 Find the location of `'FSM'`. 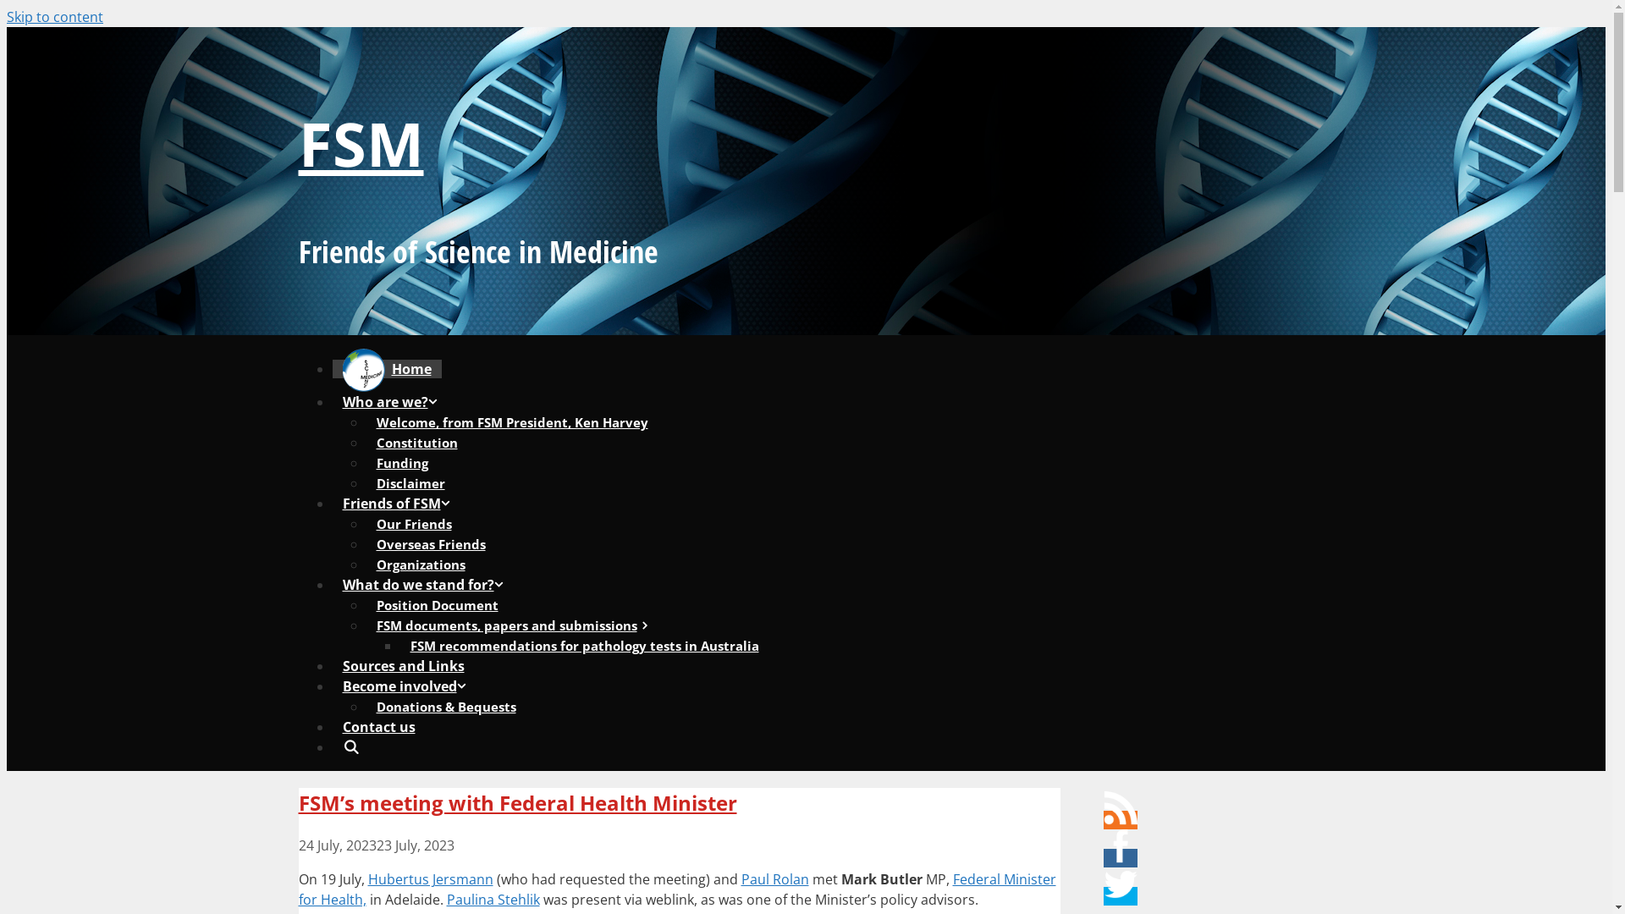

'FSM' is located at coordinates (360, 142).